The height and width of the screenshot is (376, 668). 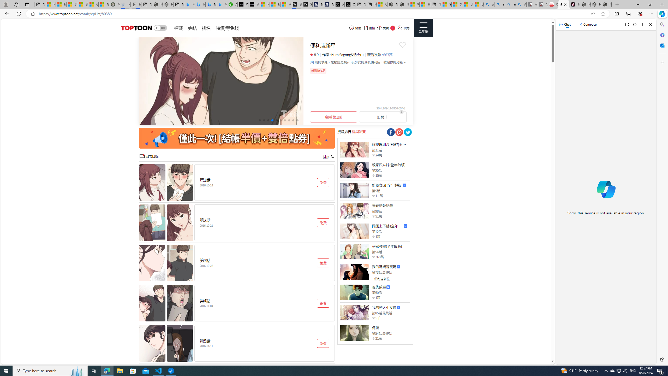 I want to click on 'Class: swiper-slide swiper-slide-next', so click(x=221, y=81).